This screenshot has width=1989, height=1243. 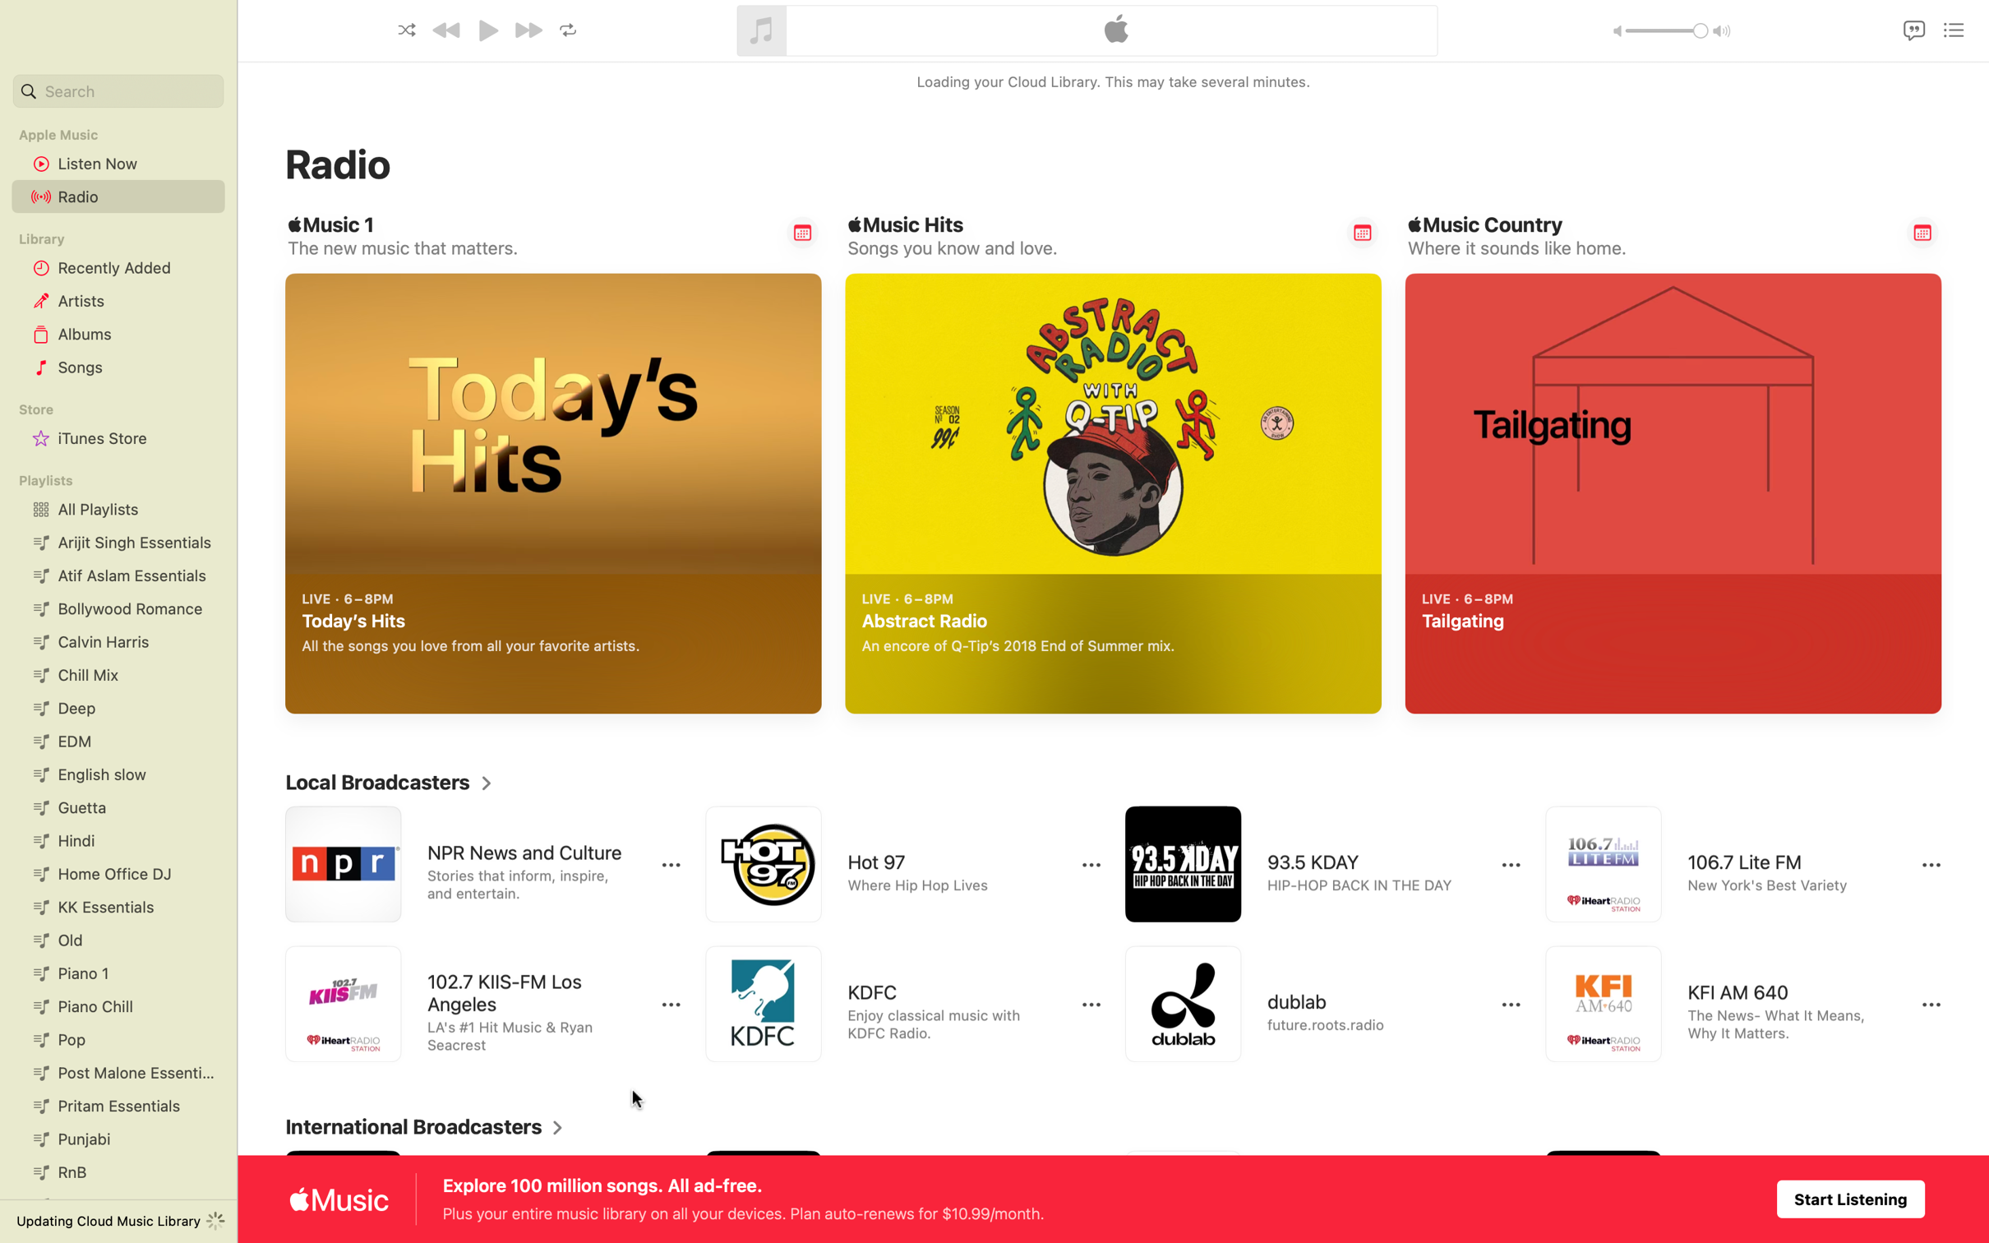 I want to click on Alert me on Popular Music Hits, so click(x=1360, y=233).